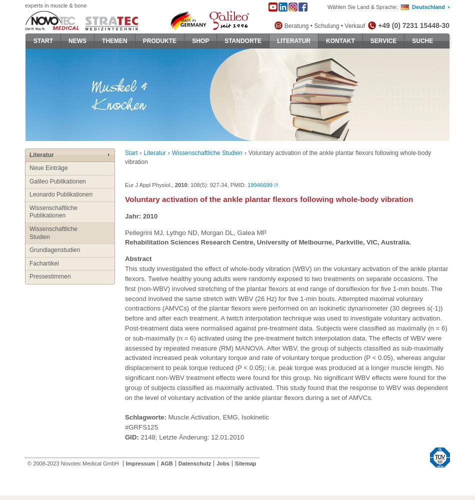  What do you see at coordinates (131, 436) in the screenshot?
I see `'GID:'` at bounding box center [131, 436].